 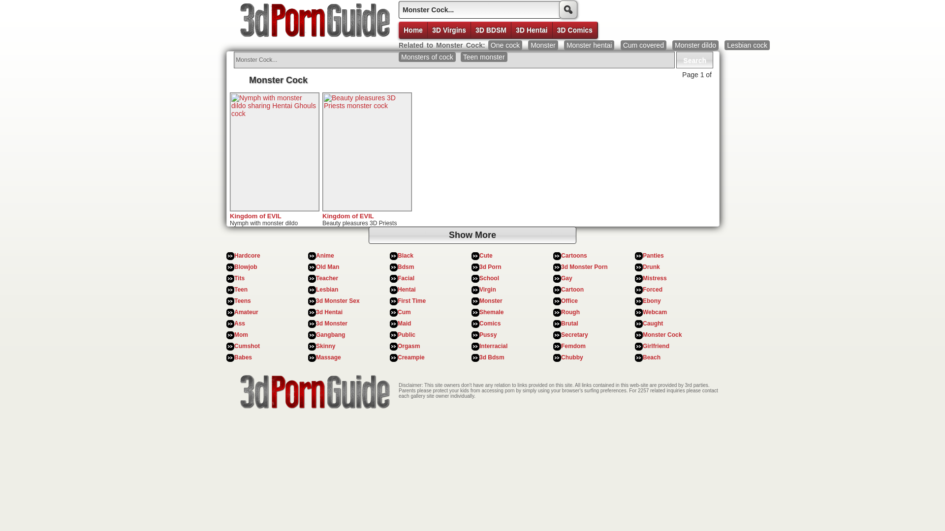 I want to click on 'Monster dildo', so click(x=694, y=45).